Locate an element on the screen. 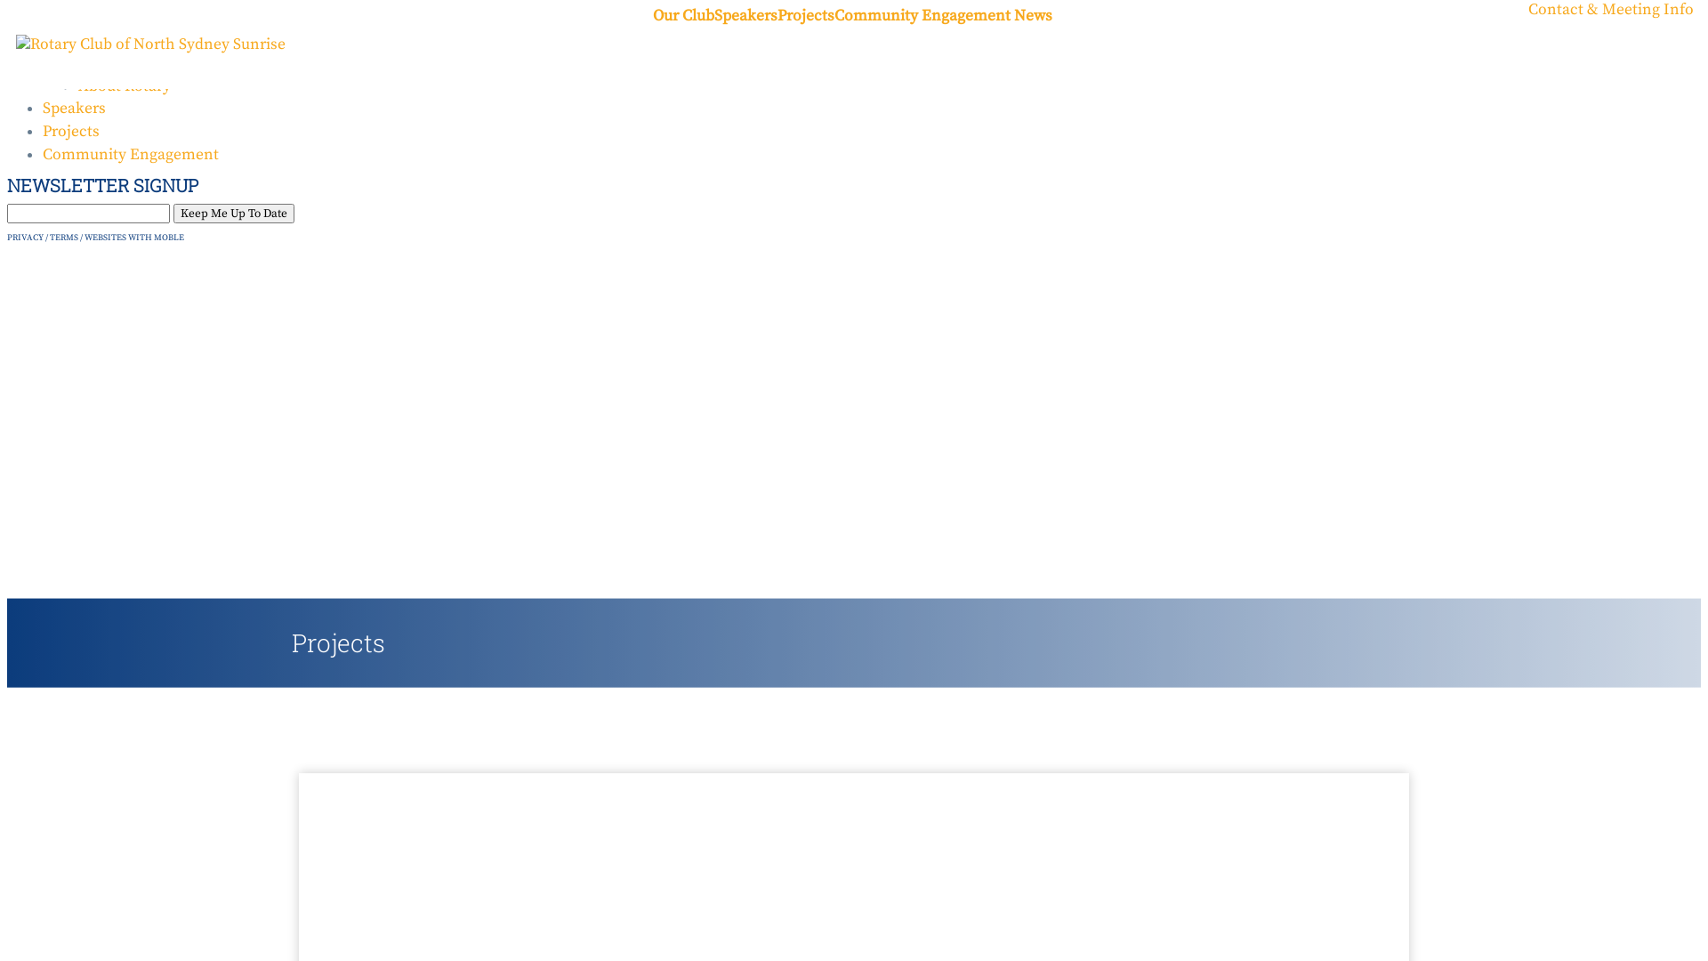 The width and height of the screenshot is (1708, 961). 'Speakers' is located at coordinates (713, 17).